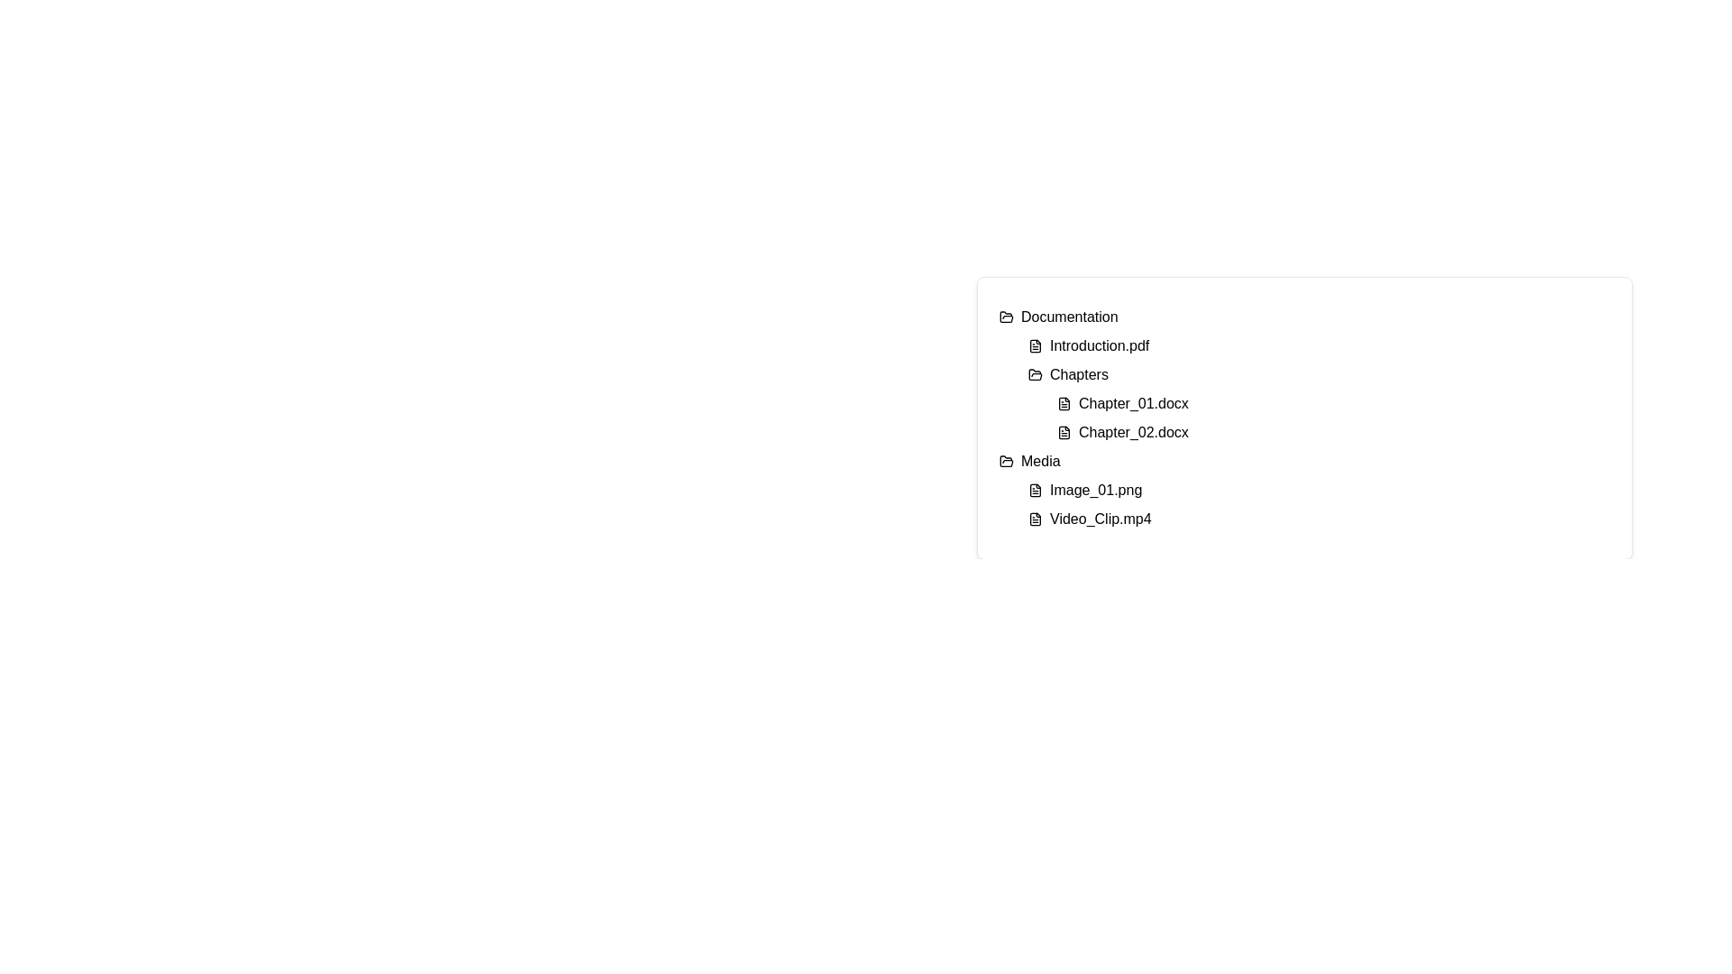 The image size is (1732, 974). Describe the element at coordinates (1319, 504) in the screenshot. I see `the File representation group displaying 'Image_01.png' and 'Video_Clip.mp4'` at that location.